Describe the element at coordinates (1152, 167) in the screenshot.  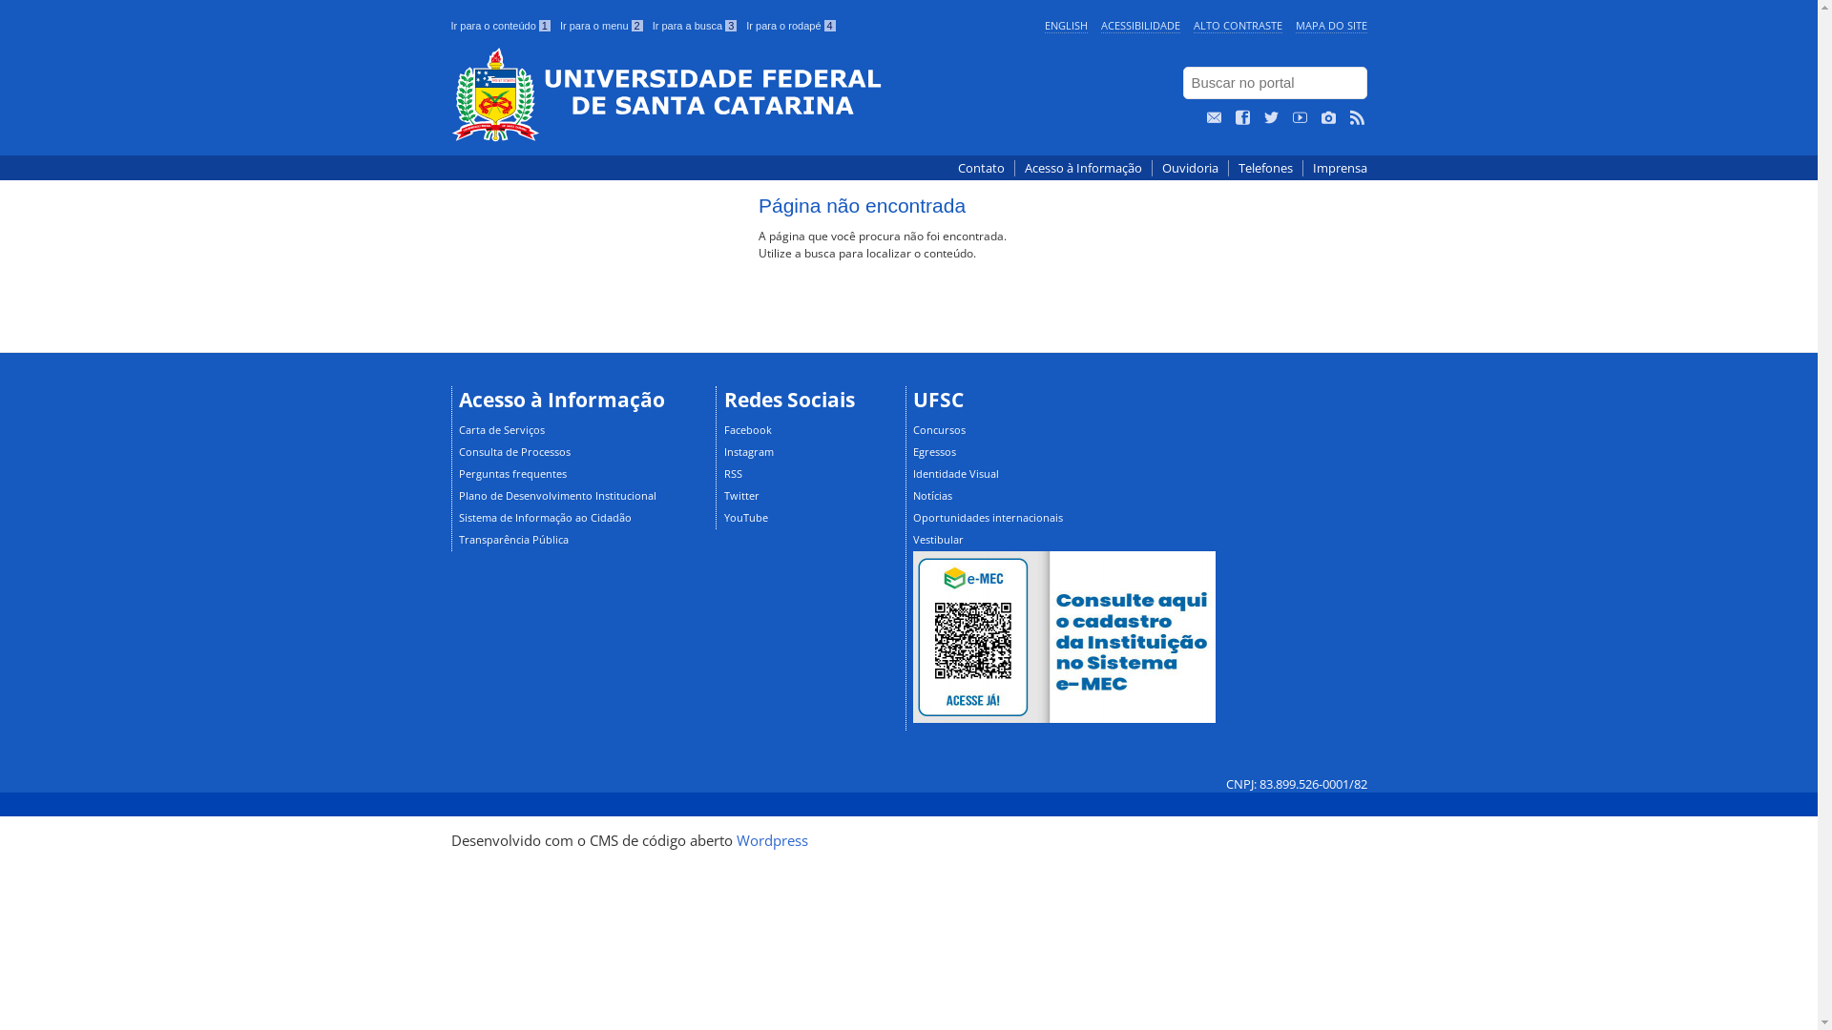
I see `'Ouvidoria'` at that location.